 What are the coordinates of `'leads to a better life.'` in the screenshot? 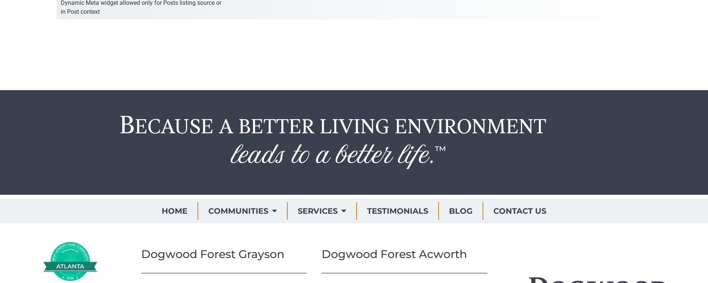 It's located at (332, 156).